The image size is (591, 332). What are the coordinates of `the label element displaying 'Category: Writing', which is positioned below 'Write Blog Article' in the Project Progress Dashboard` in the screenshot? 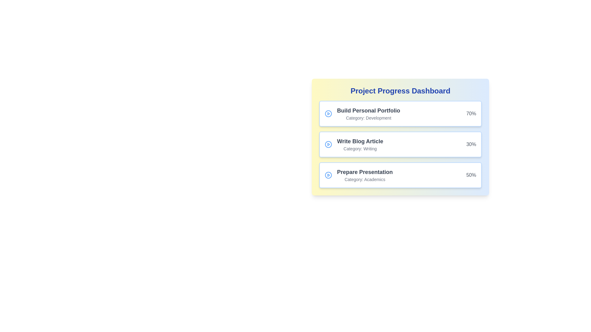 It's located at (360, 148).